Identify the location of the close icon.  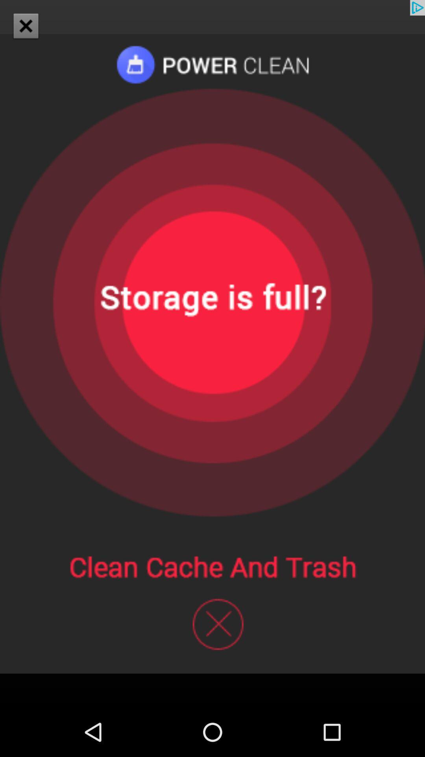
(36, 38).